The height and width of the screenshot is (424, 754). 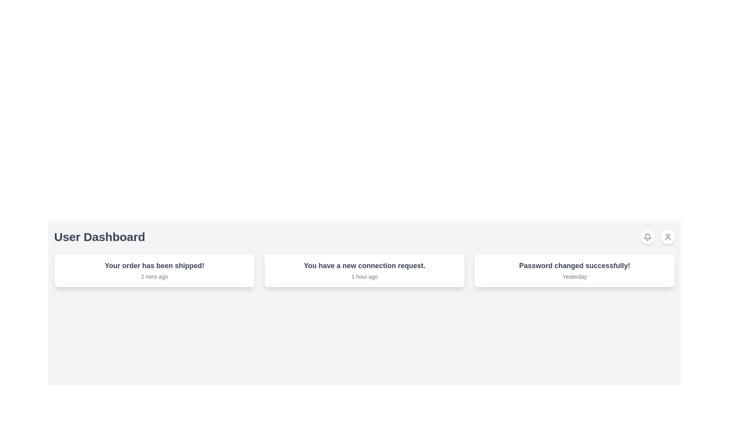 What do you see at coordinates (99, 237) in the screenshot?
I see `the 'User Dashboard' text label, which is prominently displayed in a bold, large font style and gray color at the top-left corner of the dashboard` at bounding box center [99, 237].